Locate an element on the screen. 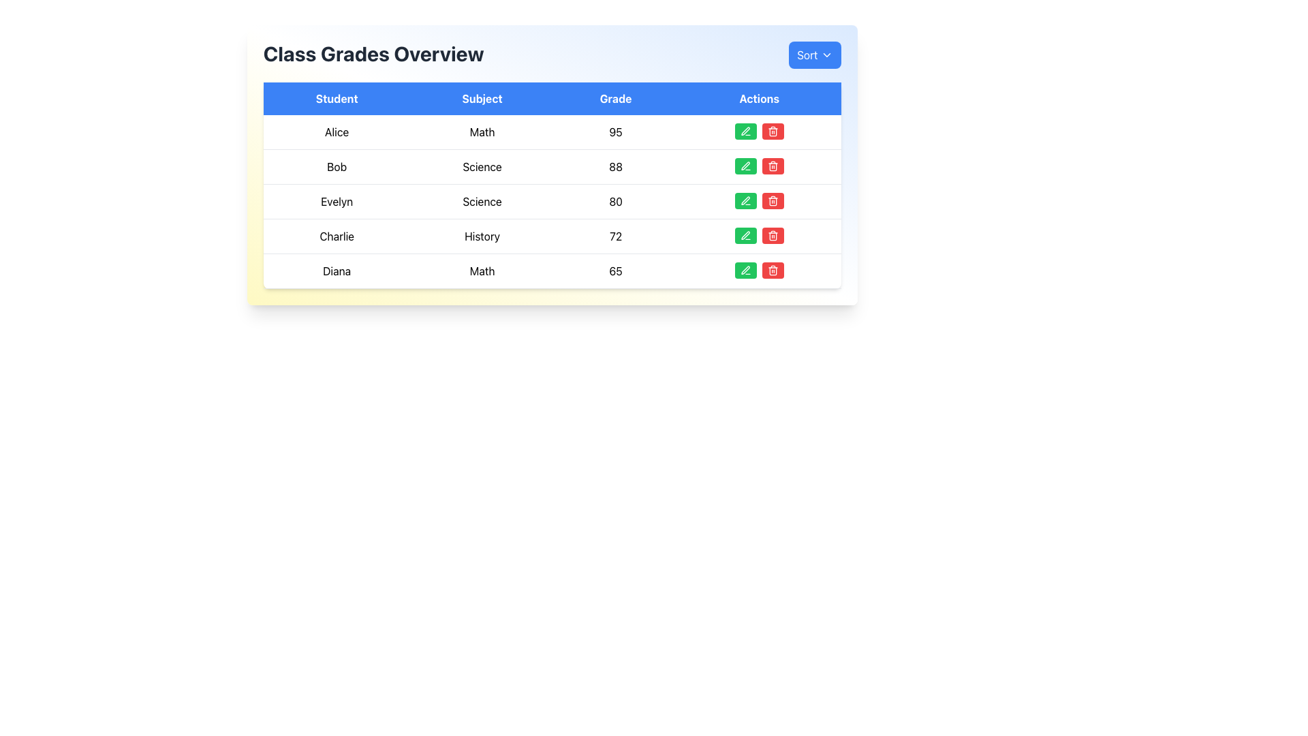 This screenshot has height=736, width=1308. text from the table within the rectangular panel that has a gradient background from yellow to blue and rounded borders, which contains headers 'Student', 'Subject', 'Grade', and 'Actions' is located at coordinates (552, 164).